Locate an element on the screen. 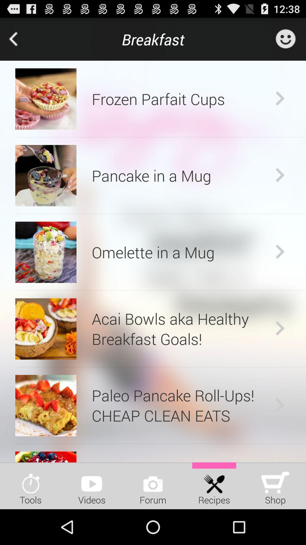 This screenshot has width=306, height=545. the icon next to the omelette in a item is located at coordinates (280, 252).